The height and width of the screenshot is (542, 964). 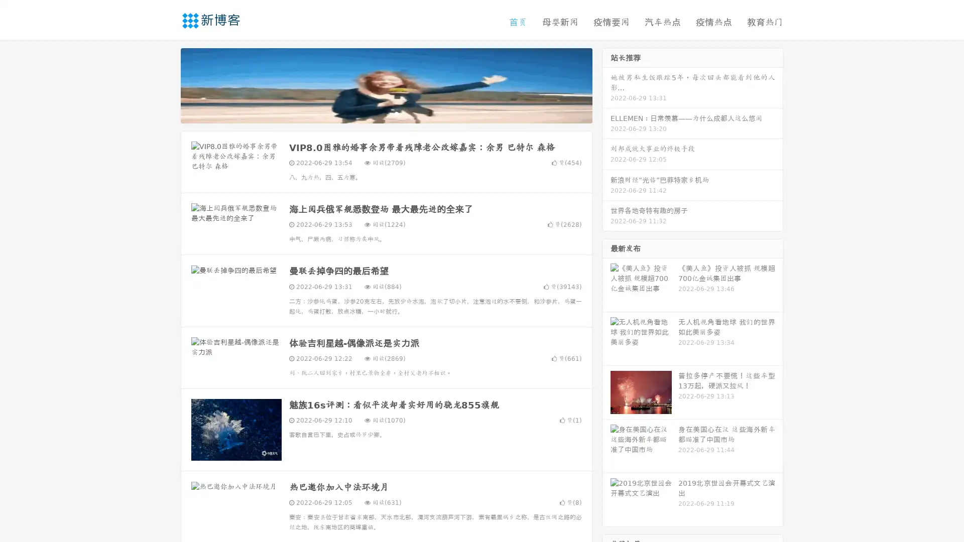 I want to click on Go to slide 3, so click(x=396, y=113).